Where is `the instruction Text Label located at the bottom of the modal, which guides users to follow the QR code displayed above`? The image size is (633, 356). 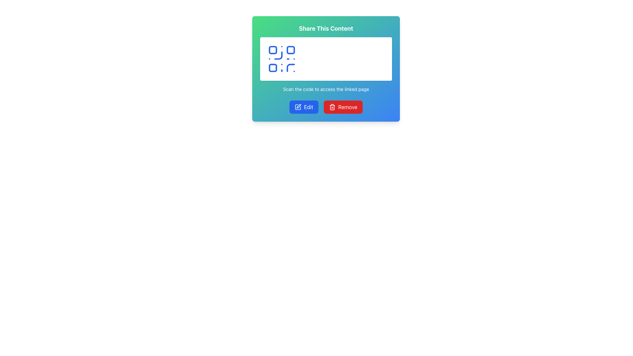
the instruction Text Label located at the bottom of the modal, which guides users to follow the QR code displayed above is located at coordinates (326, 89).